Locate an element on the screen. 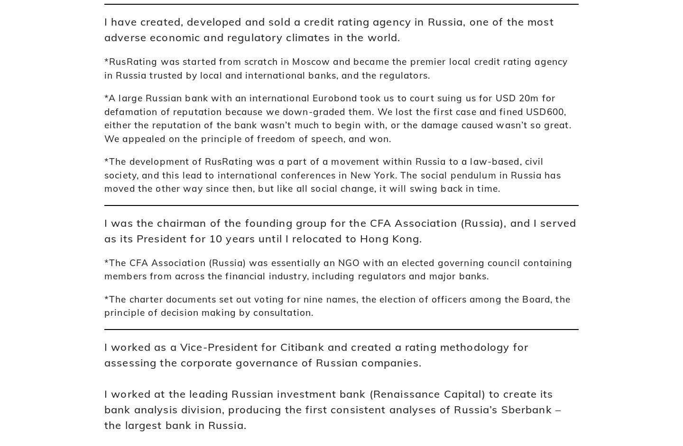 The height and width of the screenshot is (446, 683). 'Help?' is located at coordinates (394, 196).